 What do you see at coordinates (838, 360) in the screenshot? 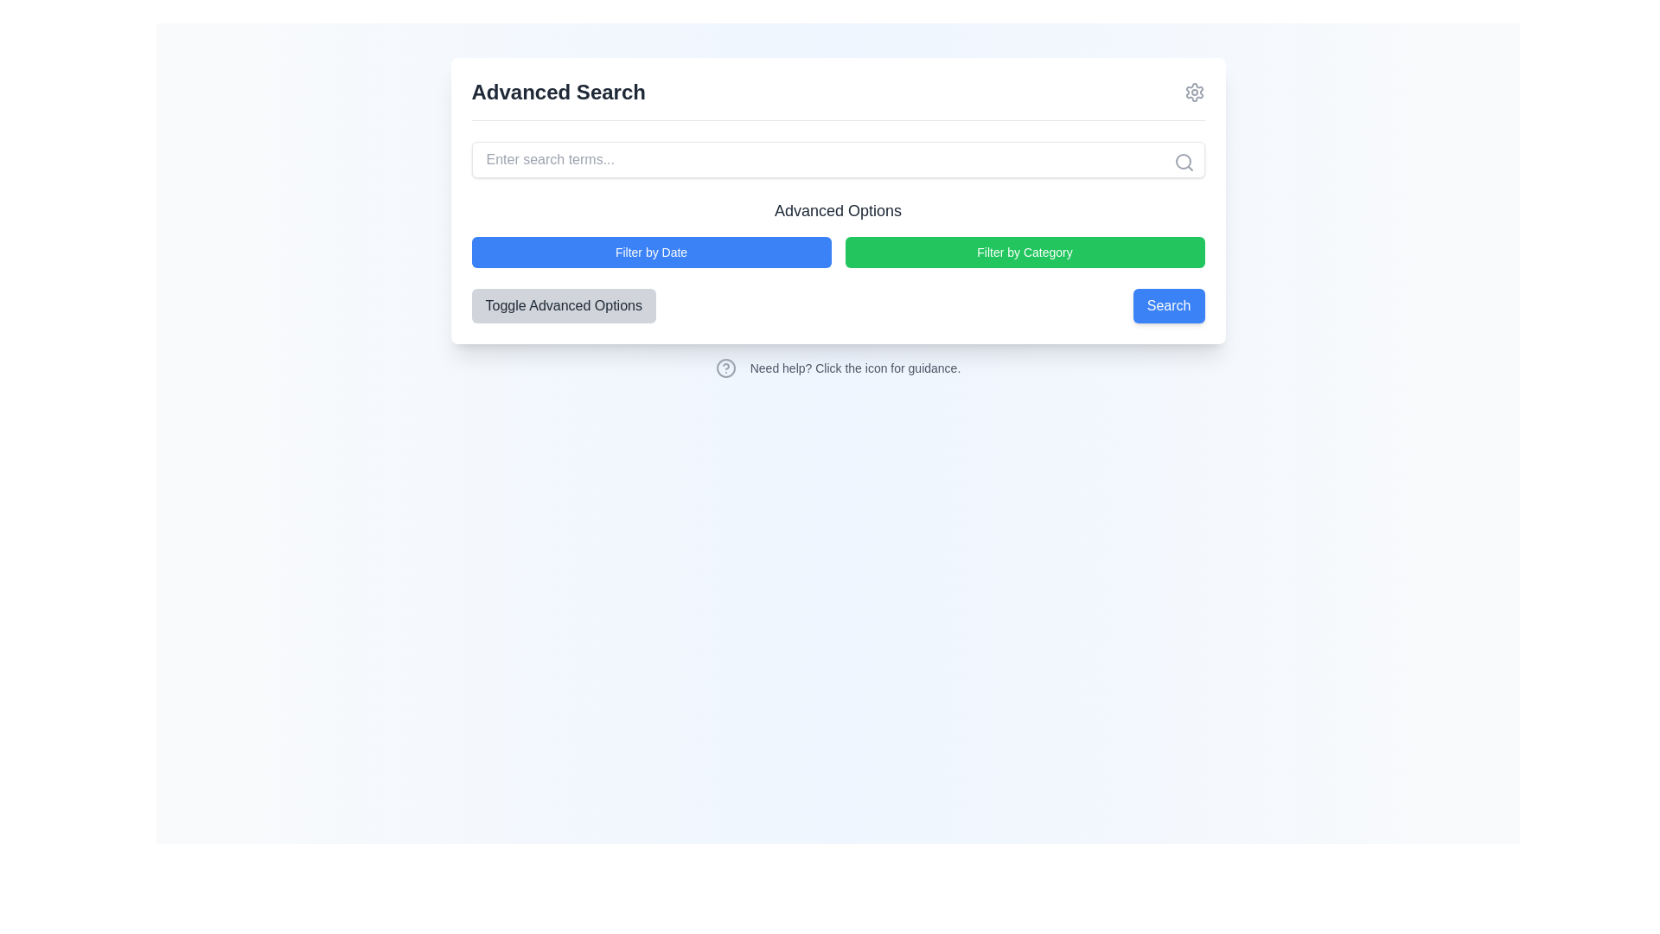
I see `the question mark icon on the informational prompt labeled 'Need help? Click the icon for guidance.'` at bounding box center [838, 360].